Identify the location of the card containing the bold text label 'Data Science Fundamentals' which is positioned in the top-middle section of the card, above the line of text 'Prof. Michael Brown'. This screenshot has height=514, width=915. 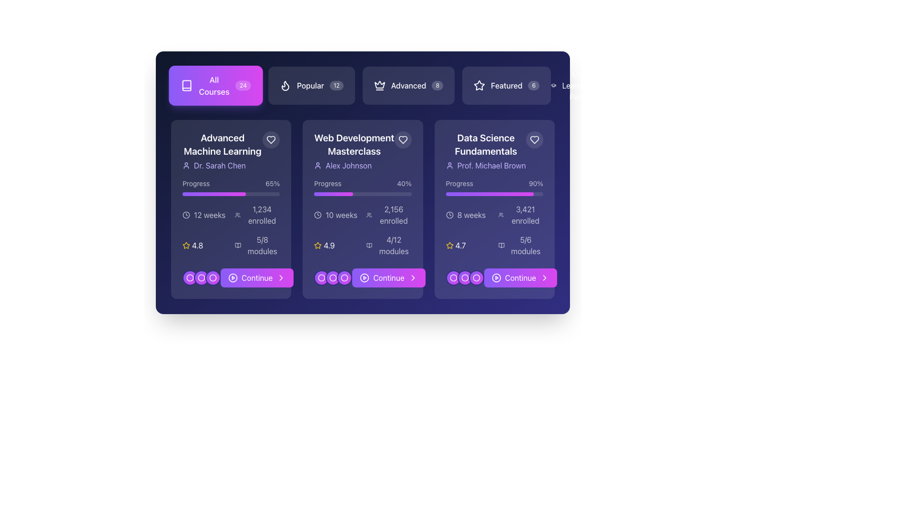
(486, 145).